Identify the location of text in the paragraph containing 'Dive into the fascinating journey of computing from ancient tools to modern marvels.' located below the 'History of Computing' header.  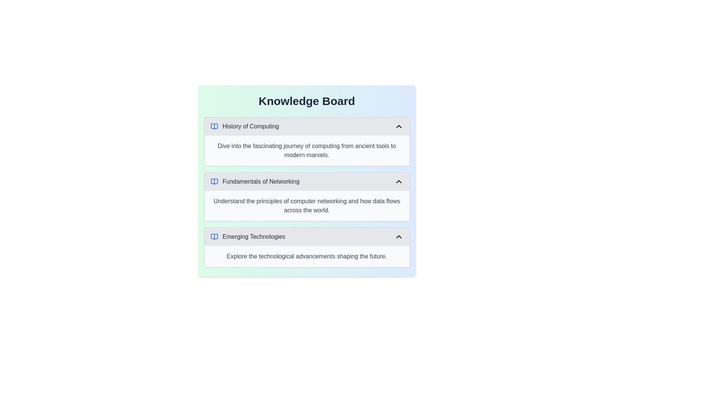
(307, 150).